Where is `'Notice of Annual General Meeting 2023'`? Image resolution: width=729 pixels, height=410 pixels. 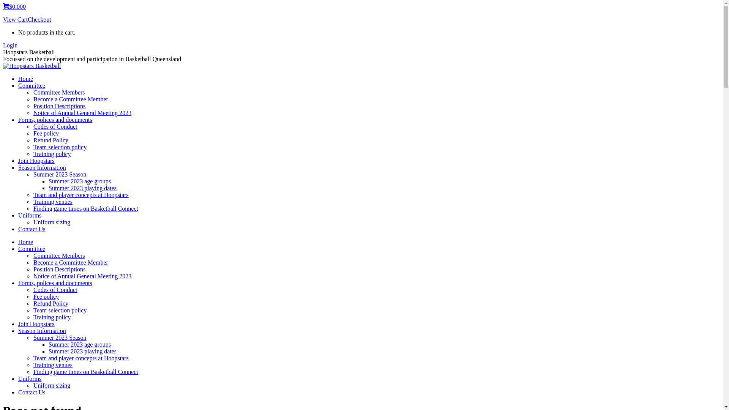 'Notice of Annual General Meeting 2023' is located at coordinates (82, 276).